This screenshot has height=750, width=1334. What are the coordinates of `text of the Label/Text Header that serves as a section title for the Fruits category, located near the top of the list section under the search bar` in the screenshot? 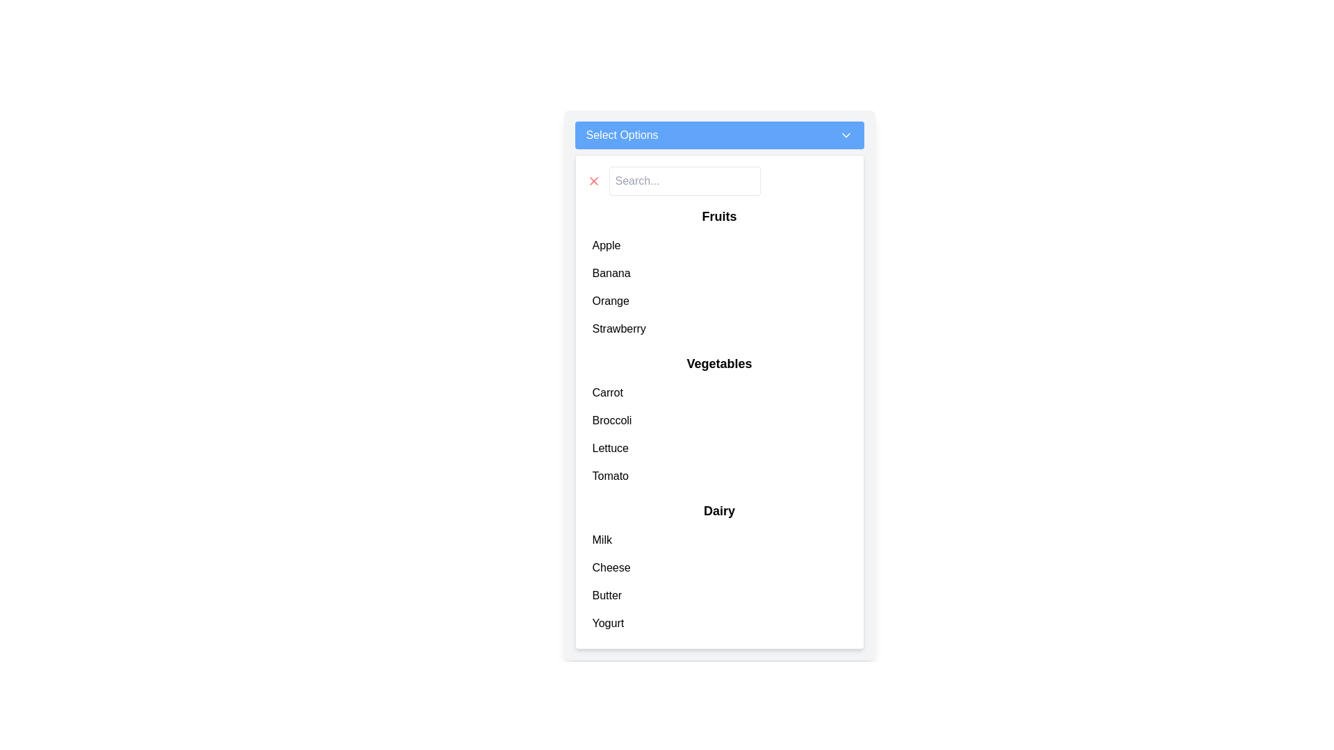 It's located at (719, 217).